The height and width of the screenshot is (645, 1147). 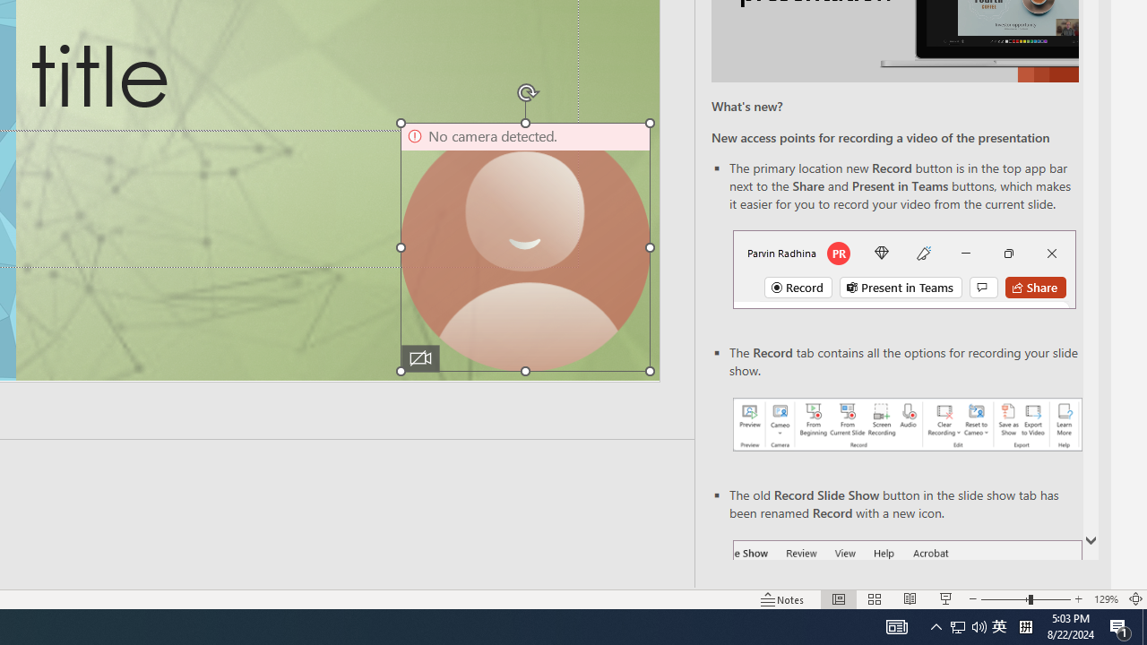 I want to click on 'Zoom 129%', so click(x=1105, y=599).